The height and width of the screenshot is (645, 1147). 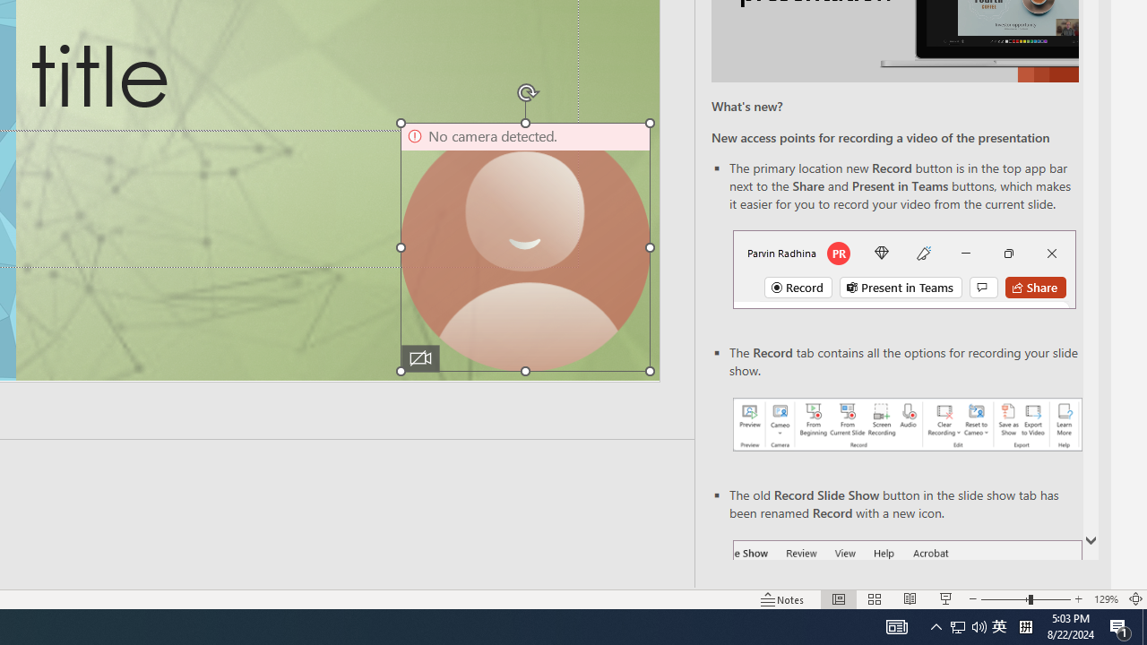 I want to click on 'Zoom 129%', so click(x=1105, y=599).